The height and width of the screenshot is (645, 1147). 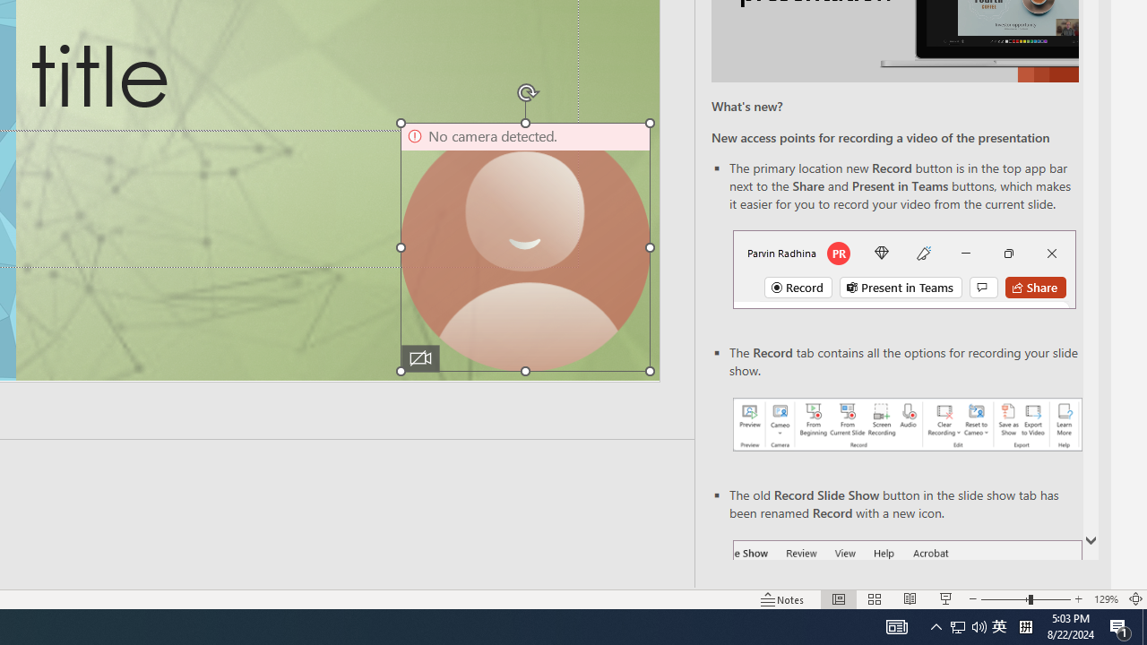 I want to click on 'Zoom 129%', so click(x=1105, y=599).